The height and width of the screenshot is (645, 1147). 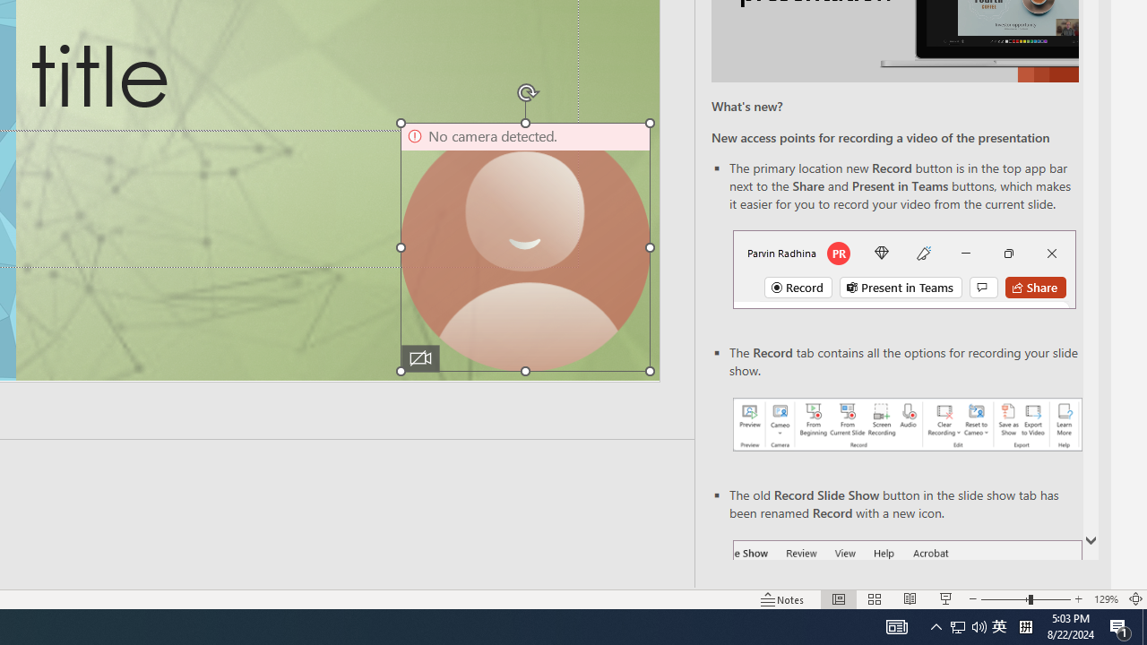 I want to click on 'Zoom 129%', so click(x=1105, y=599).